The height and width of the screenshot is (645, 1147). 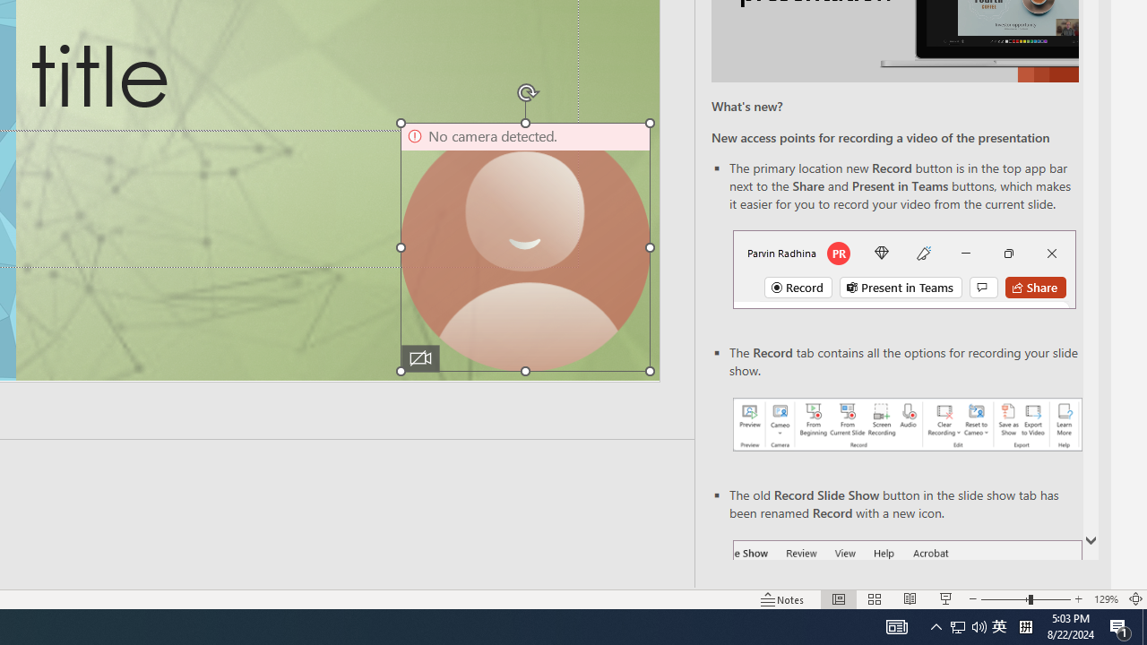 I want to click on 'Zoom 129%', so click(x=1105, y=599).